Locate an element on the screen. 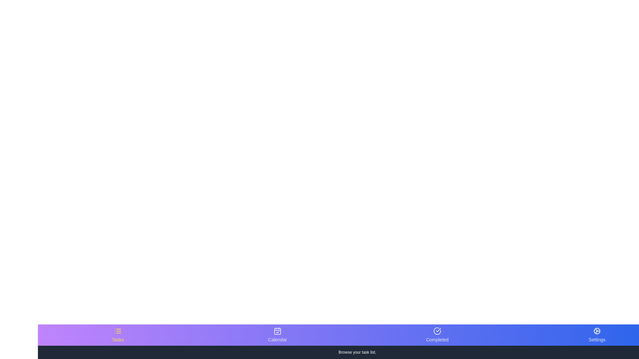  the Settings tab is located at coordinates (597, 335).